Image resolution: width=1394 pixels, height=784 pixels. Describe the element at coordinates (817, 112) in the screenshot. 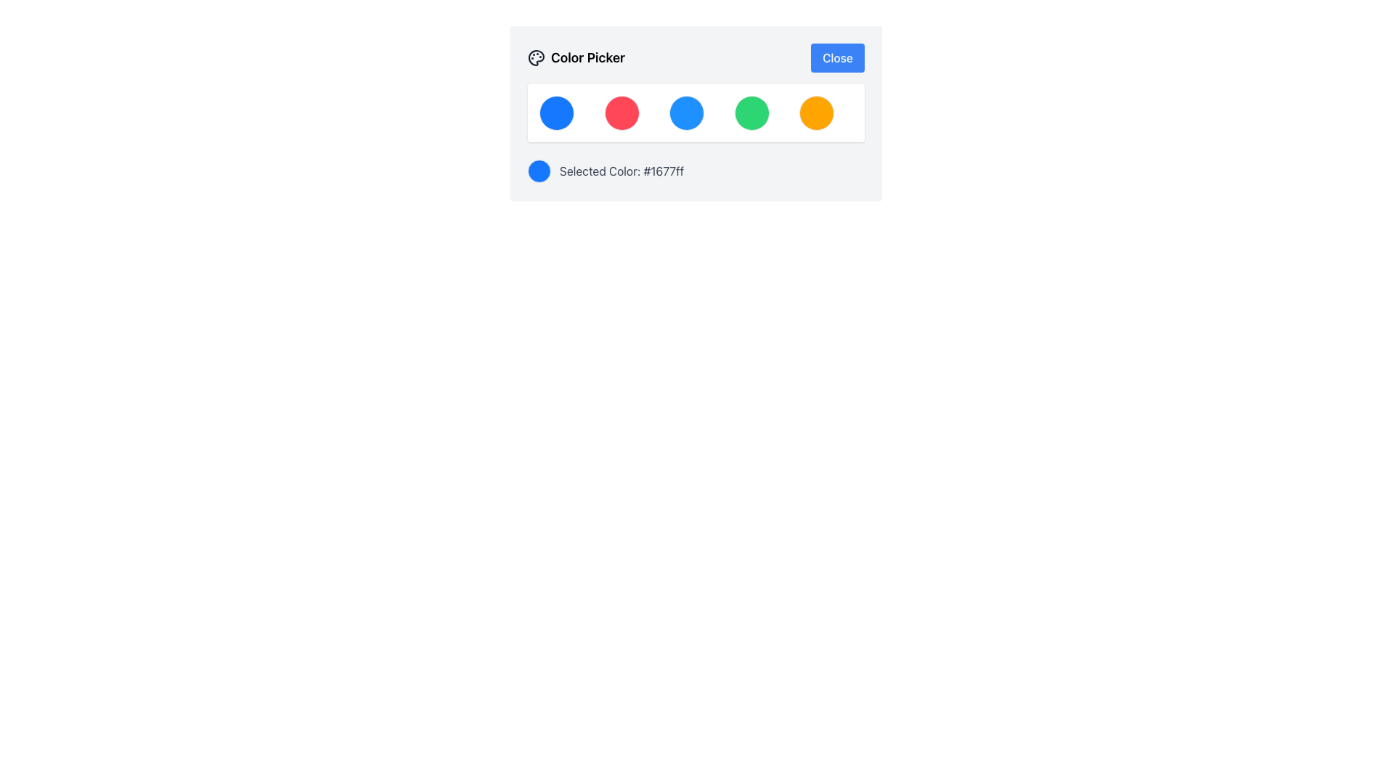

I see `the fifth circular button with a bright orange background` at that location.